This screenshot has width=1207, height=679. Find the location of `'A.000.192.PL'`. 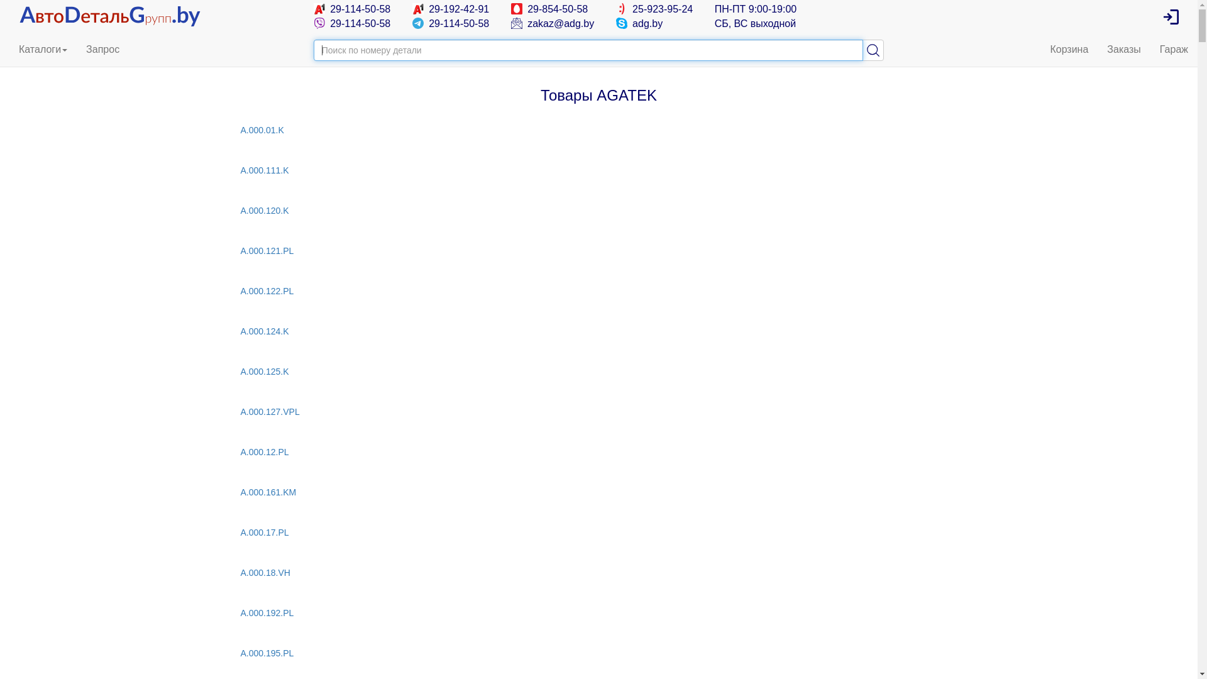

'A.000.192.PL' is located at coordinates (597, 612).